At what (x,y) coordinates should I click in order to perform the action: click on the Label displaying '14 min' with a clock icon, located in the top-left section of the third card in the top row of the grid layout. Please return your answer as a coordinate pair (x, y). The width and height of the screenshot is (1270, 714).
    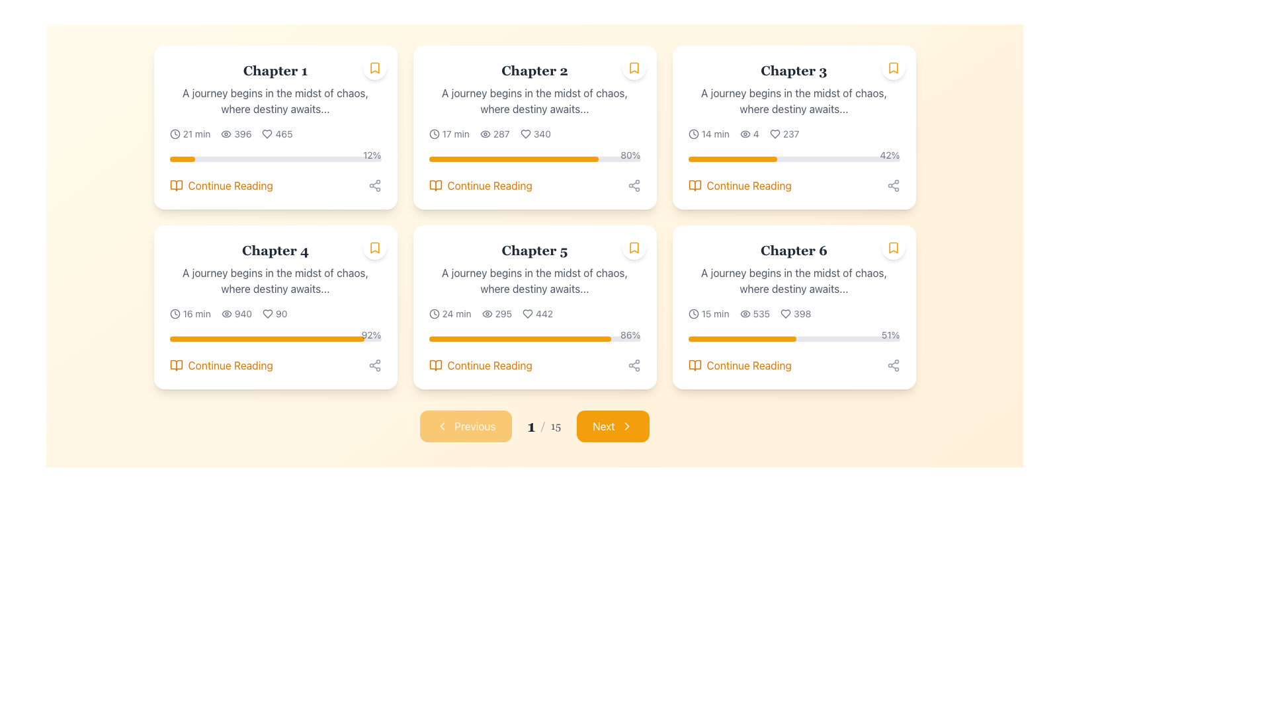
    Looking at the image, I should click on (708, 134).